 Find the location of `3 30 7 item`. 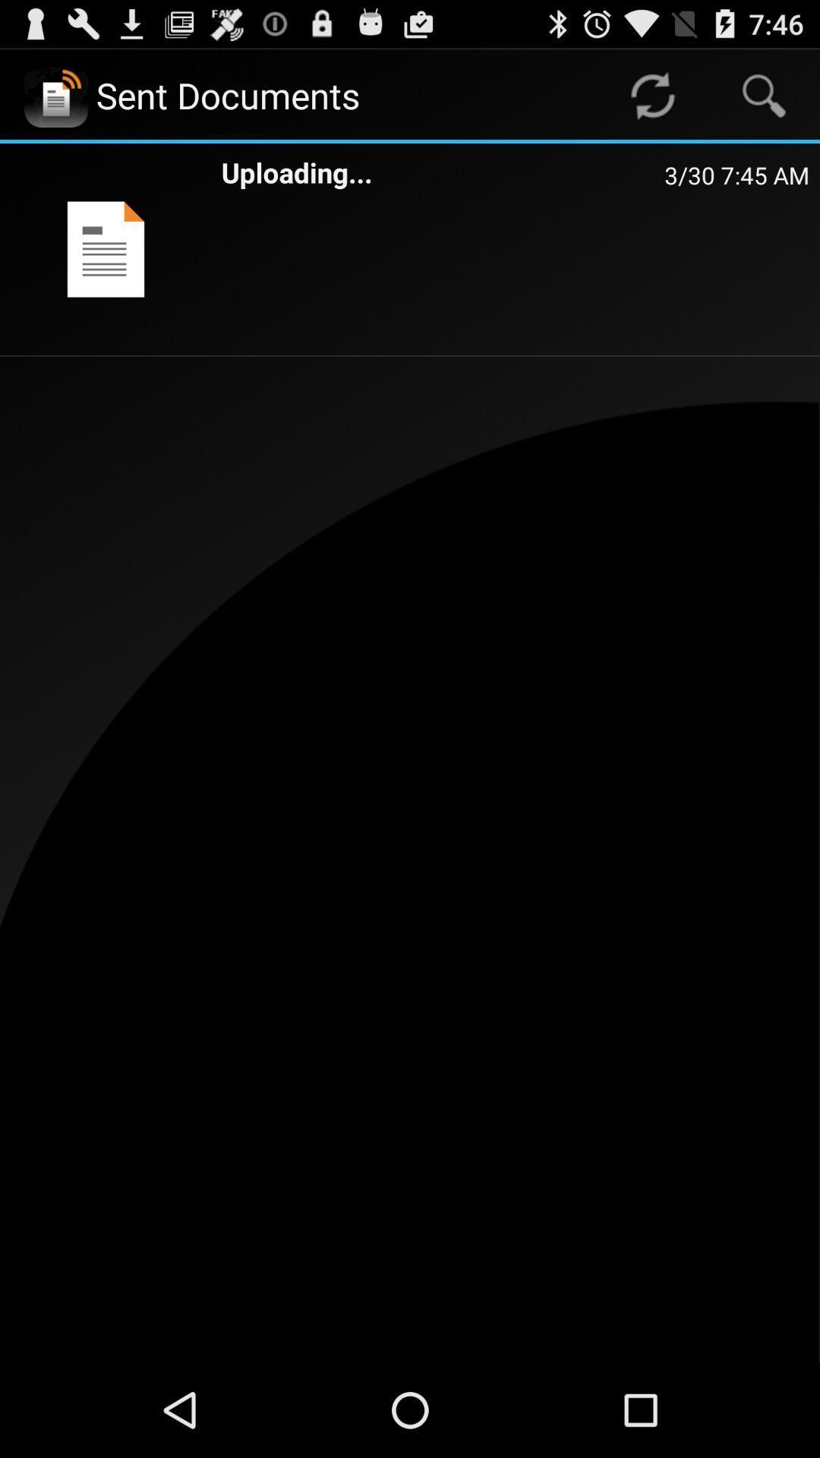

3 30 7 item is located at coordinates (736, 175).